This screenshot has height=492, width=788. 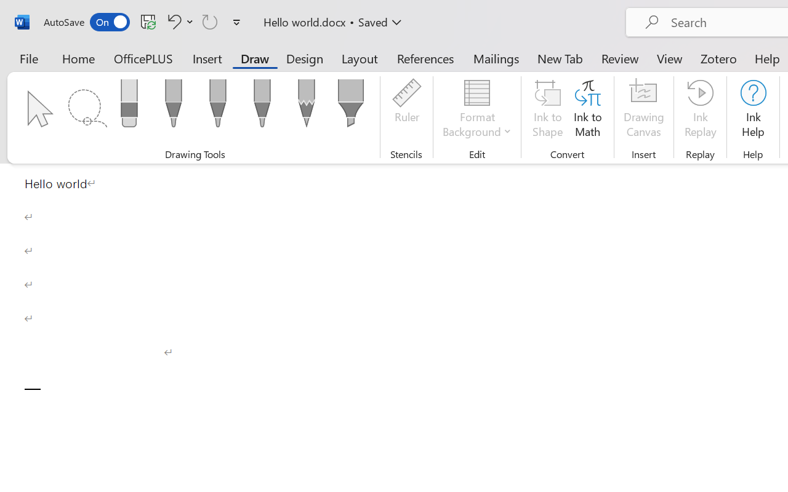 What do you see at coordinates (476, 110) in the screenshot?
I see `'Format Background'` at bounding box center [476, 110].